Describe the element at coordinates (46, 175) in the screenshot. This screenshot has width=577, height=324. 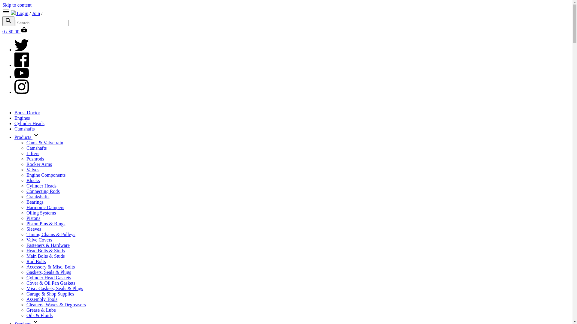
I see `'Engine Components'` at that location.